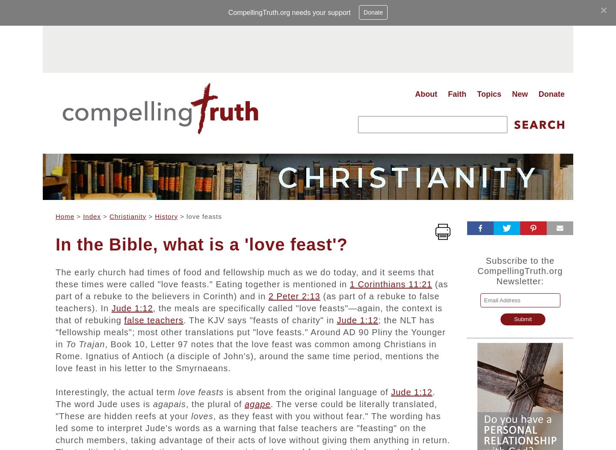  I want to click on '> love feasts', so click(199, 216).